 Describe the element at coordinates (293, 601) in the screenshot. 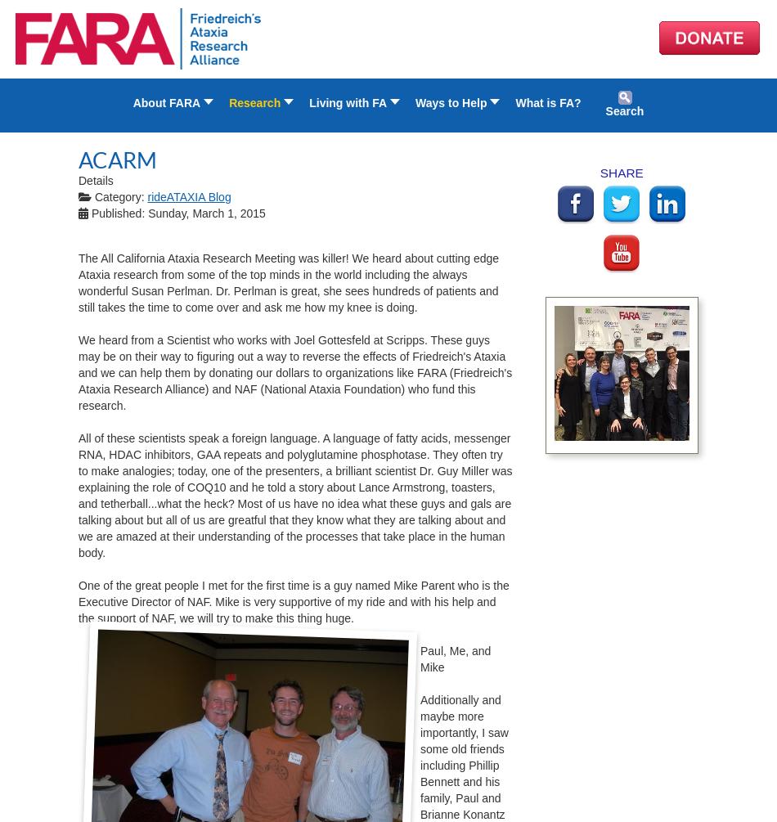

I see `'One of the great people I met for the first time is a guy named Mike Parent who is the Executive Director of NAF. Mike is very supportive of my ride and with his help and the support of NAF, we will try to make this thing huge.'` at that location.